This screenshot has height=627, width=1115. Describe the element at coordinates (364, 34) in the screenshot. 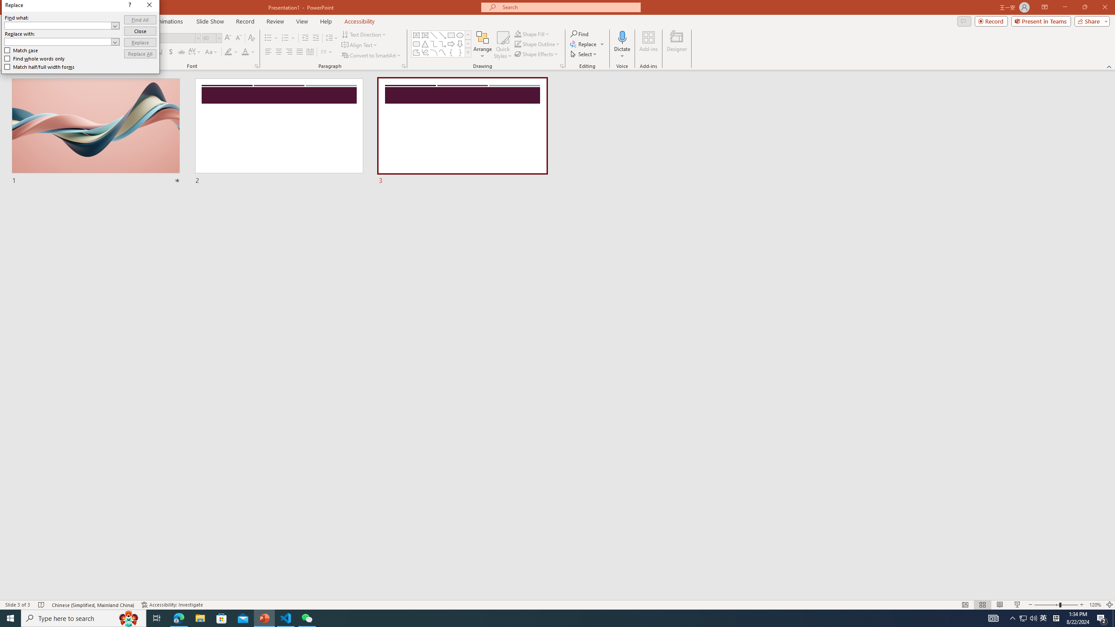

I see `'Text Direction'` at that location.